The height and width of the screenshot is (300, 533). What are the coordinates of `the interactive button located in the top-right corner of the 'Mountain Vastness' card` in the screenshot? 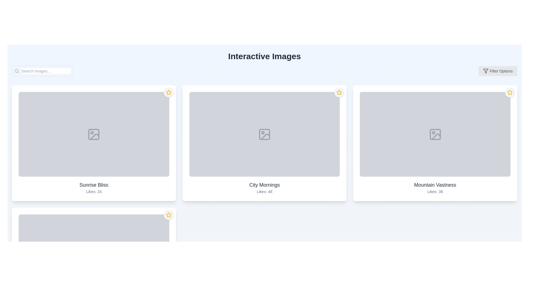 It's located at (510, 92).